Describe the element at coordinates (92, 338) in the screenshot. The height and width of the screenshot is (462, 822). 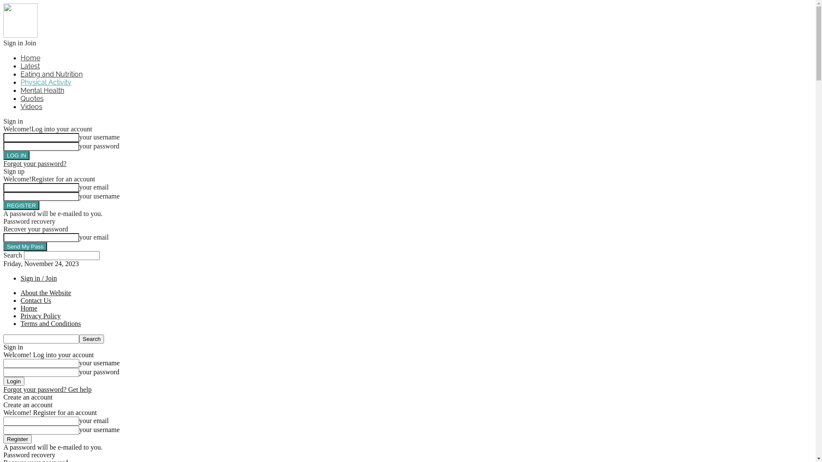
I see `'Search'` at that location.